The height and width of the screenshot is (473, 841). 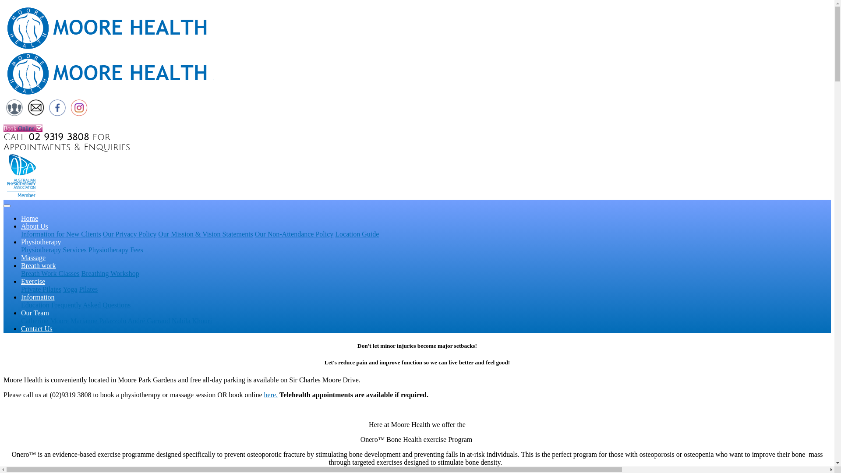 What do you see at coordinates (99, 321) in the screenshot?
I see `'Marianne Palazzolo'` at bounding box center [99, 321].